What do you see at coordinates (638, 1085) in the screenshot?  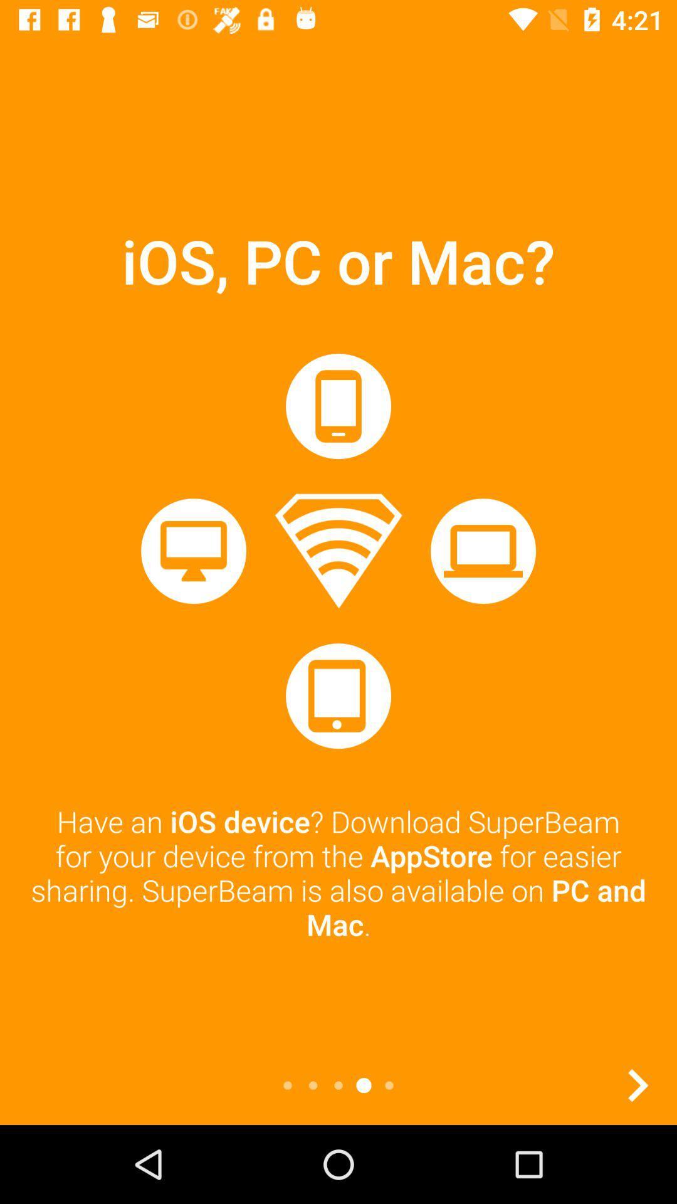 I see `the arrow_forward icon` at bounding box center [638, 1085].